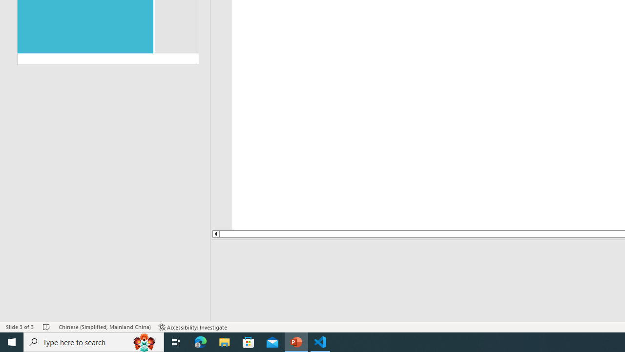 The image size is (625, 352). I want to click on 'Spell Check No Errors', so click(46, 327).